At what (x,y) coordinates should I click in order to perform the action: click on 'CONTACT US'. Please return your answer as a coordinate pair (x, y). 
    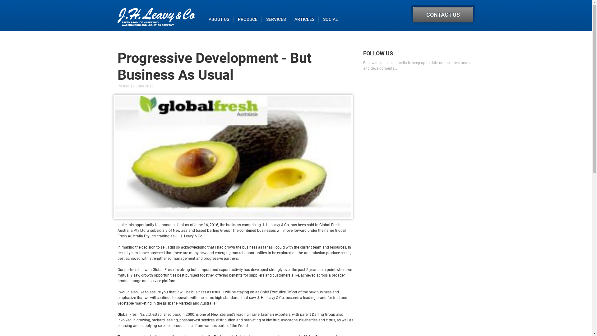
    Looking at the image, I should click on (443, 14).